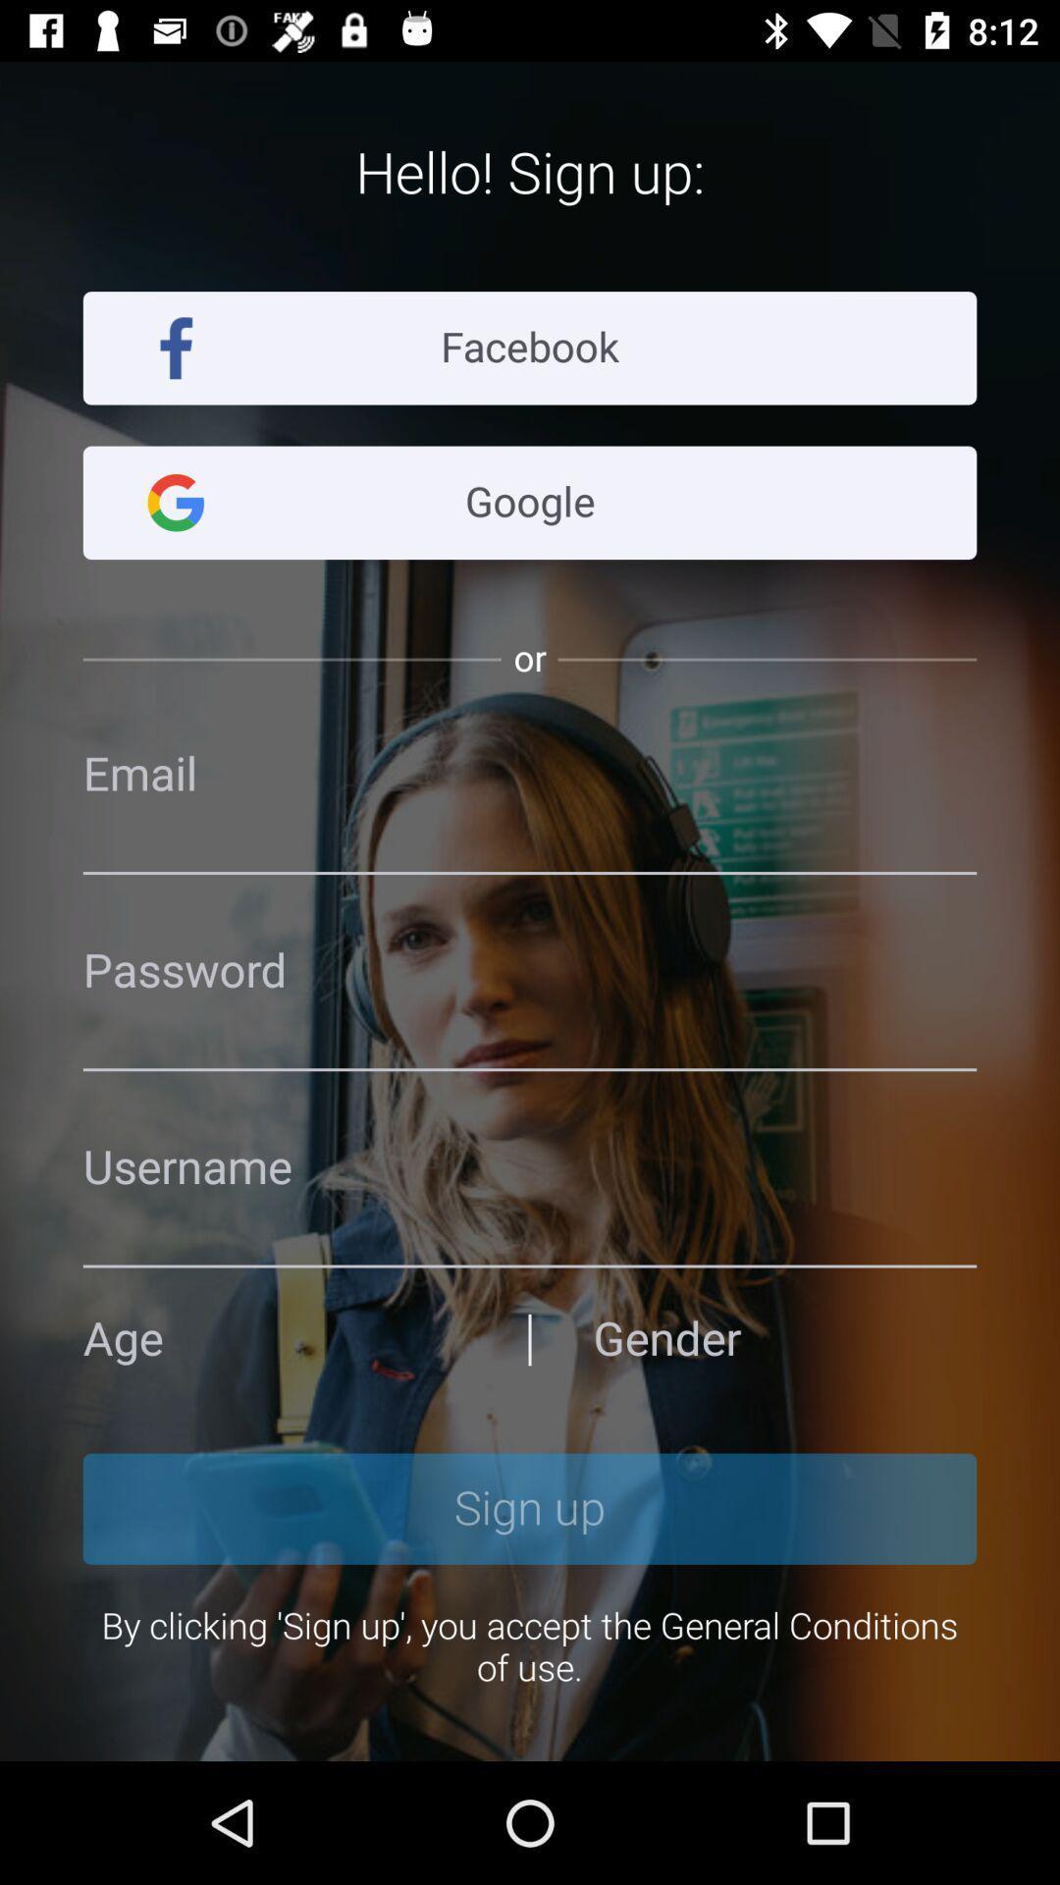 The width and height of the screenshot is (1060, 1885). What do you see at coordinates (530, 971) in the screenshot?
I see `address page` at bounding box center [530, 971].